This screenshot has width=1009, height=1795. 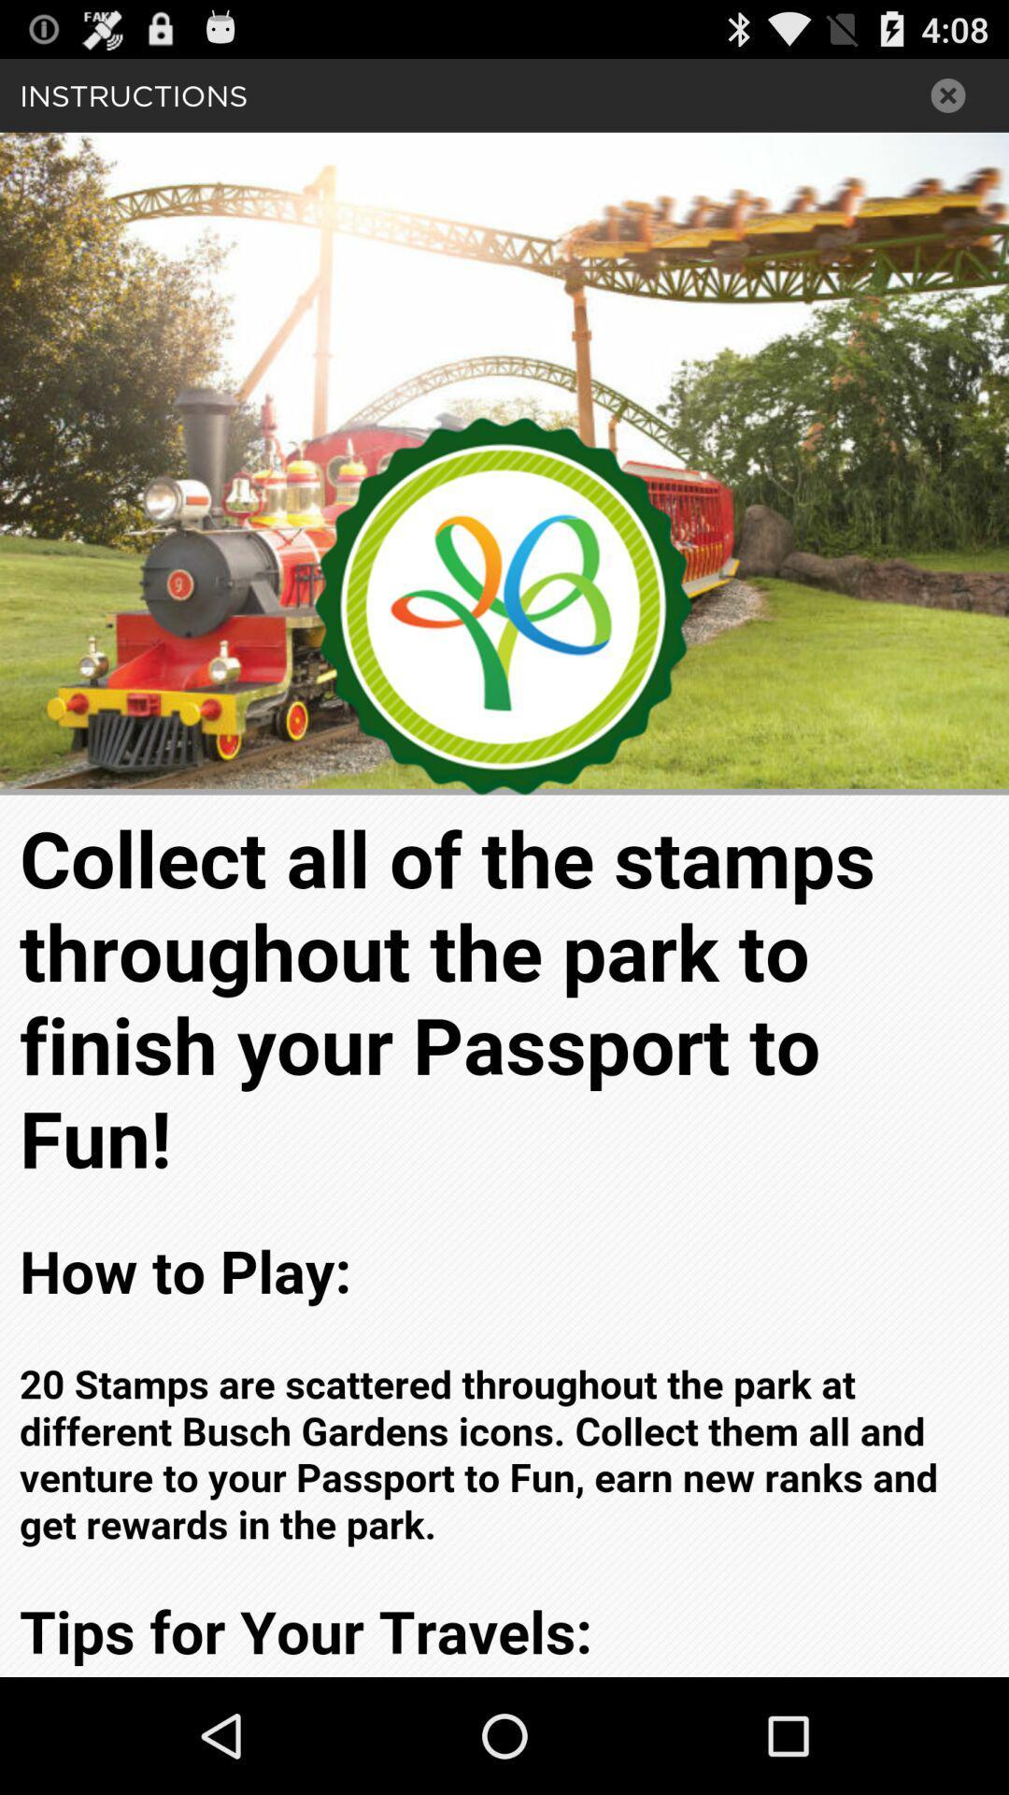 I want to click on page, so click(x=948, y=94).